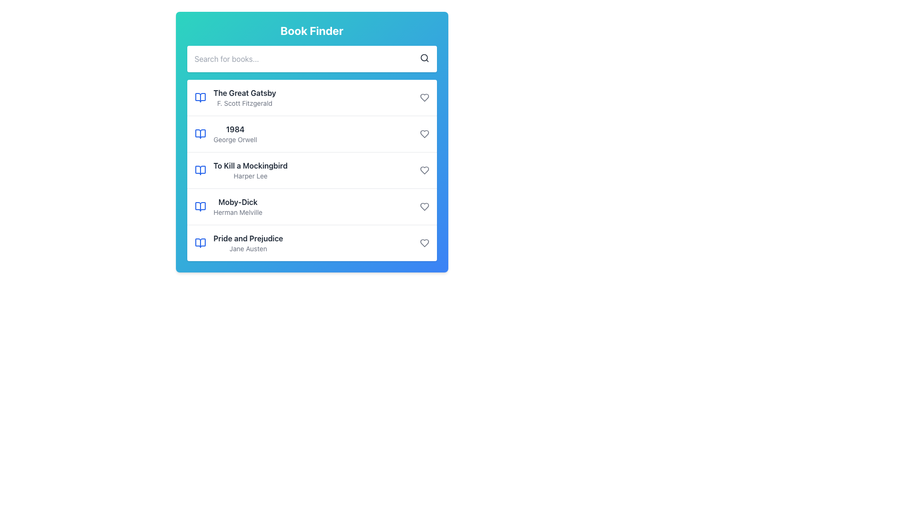  What do you see at coordinates (250, 176) in the screenshot?
I see `the text label displaying 'Harper Lee', located directly below 'To Kill a Mockingbird' in the book list` at bounding box center [250, 176].